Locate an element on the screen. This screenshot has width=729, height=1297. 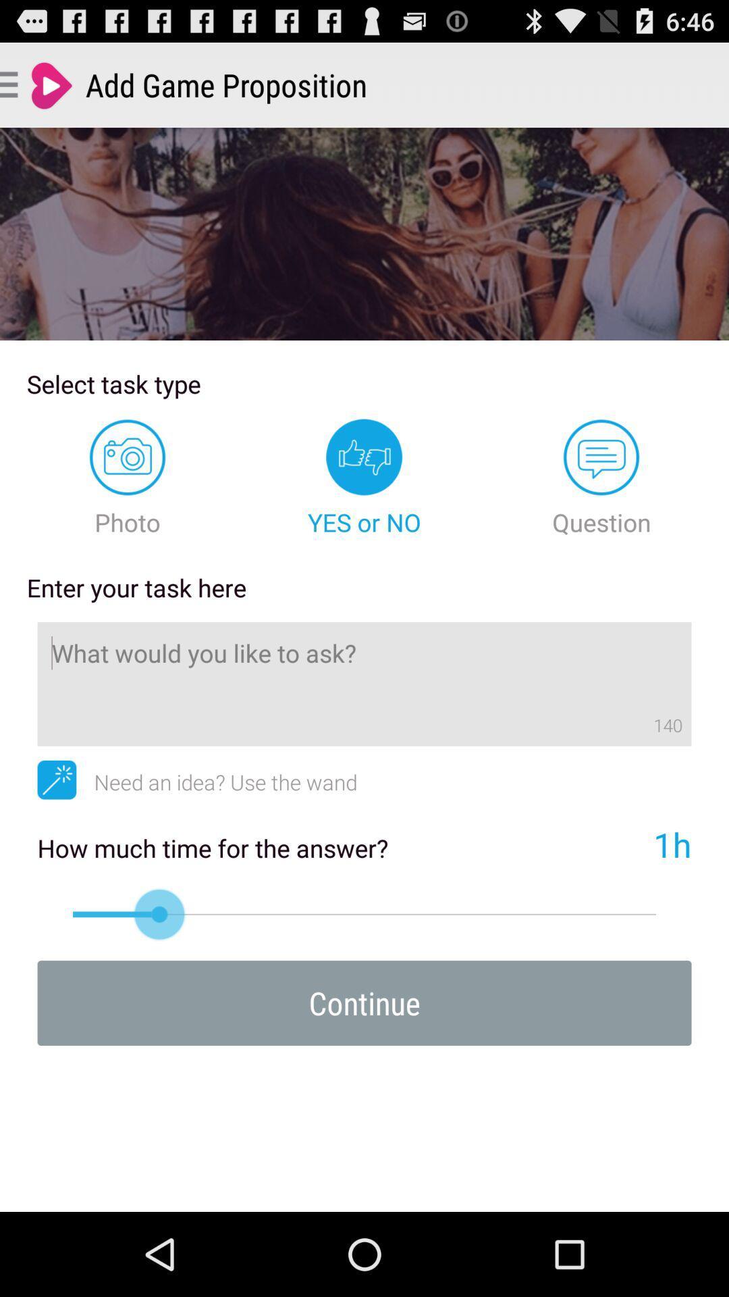
app to the left of need an idea icon is located at coordinates (56, 780).